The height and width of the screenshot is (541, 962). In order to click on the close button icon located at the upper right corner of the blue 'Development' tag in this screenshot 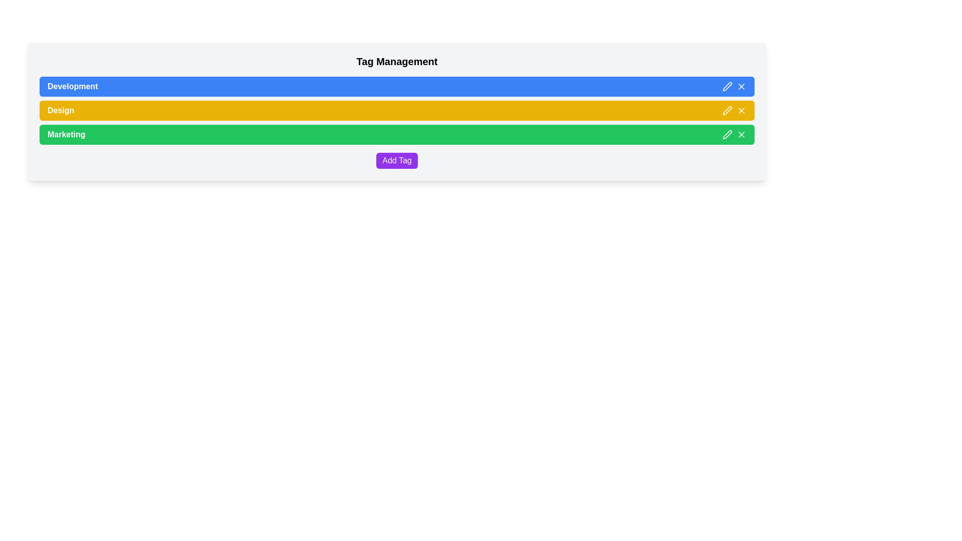, I will do `click(741, 86)`.